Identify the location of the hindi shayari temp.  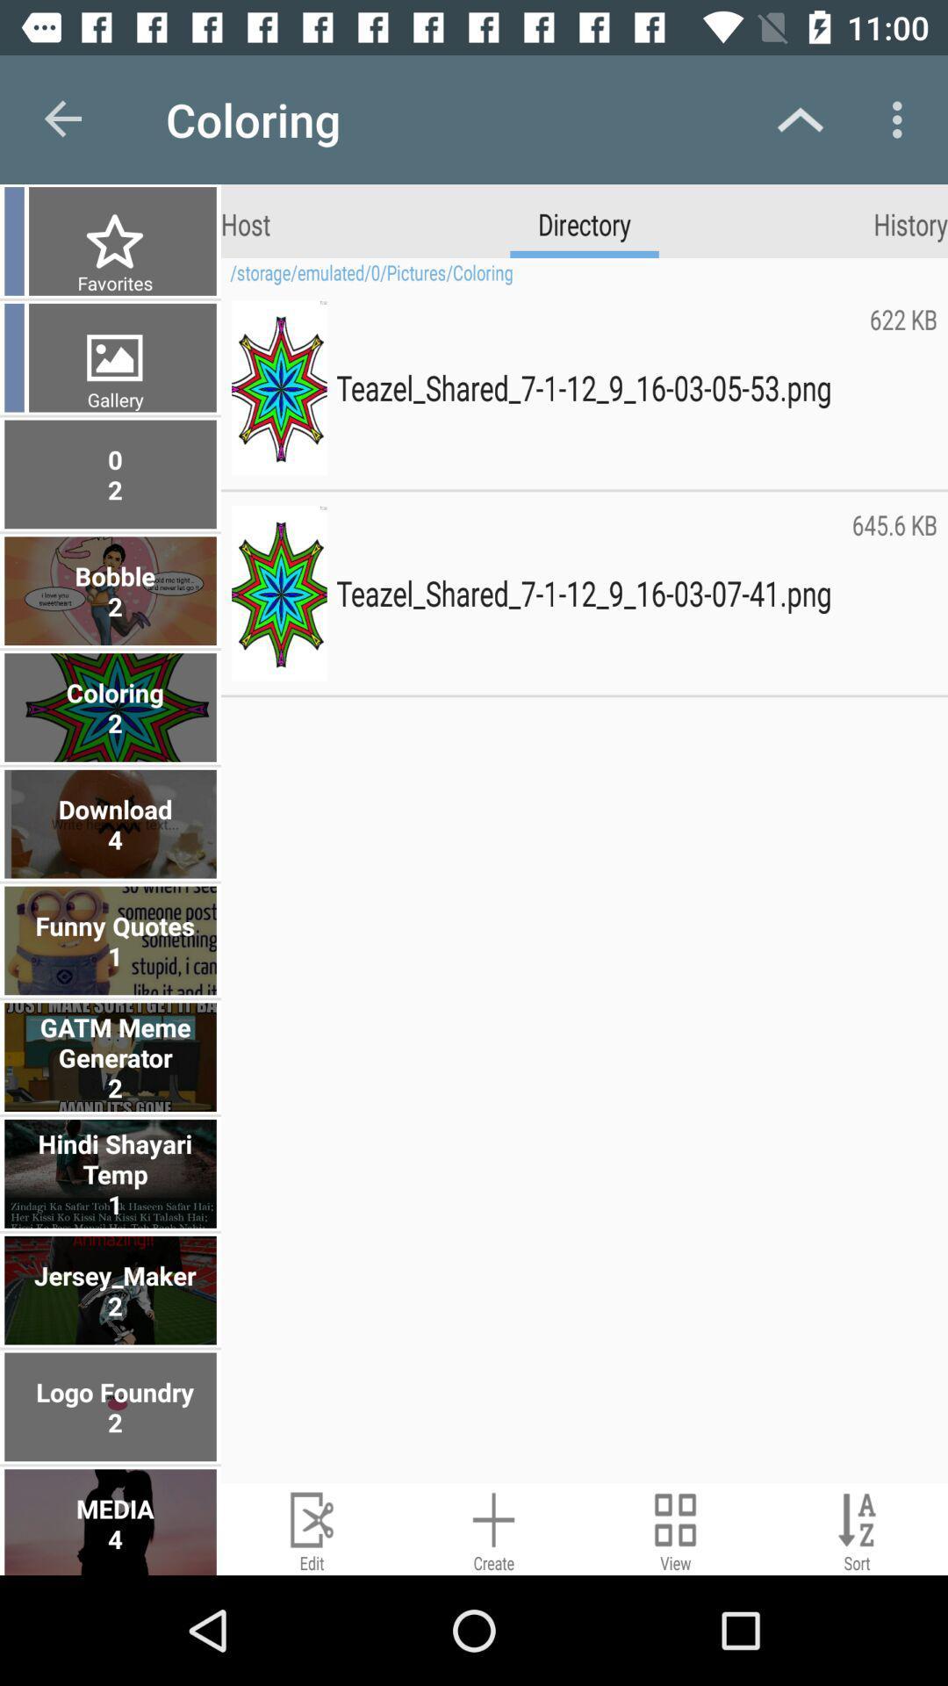
(112, 1173).